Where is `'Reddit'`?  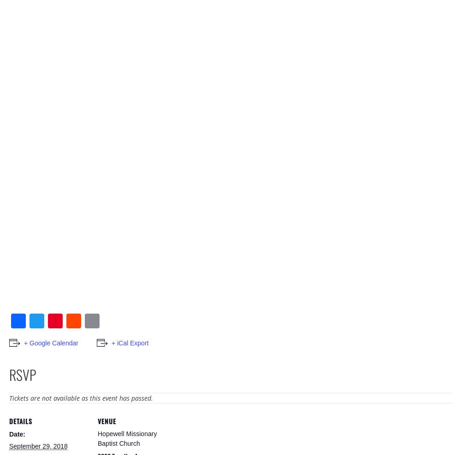 'Reddit' is located at coordinates (88, 335).